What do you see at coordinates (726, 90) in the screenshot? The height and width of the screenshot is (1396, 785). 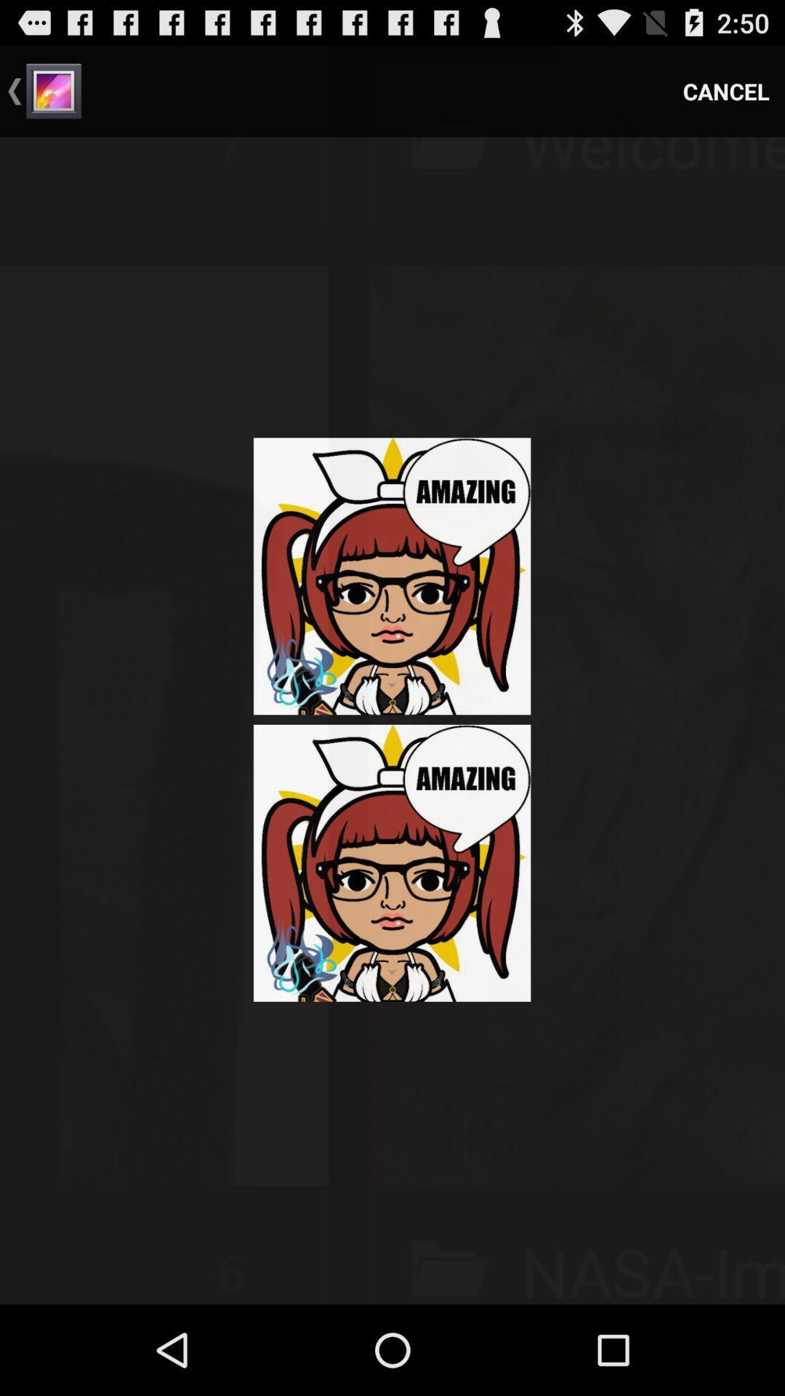 I see `the cancel icon` at bounding box center [726, 90].